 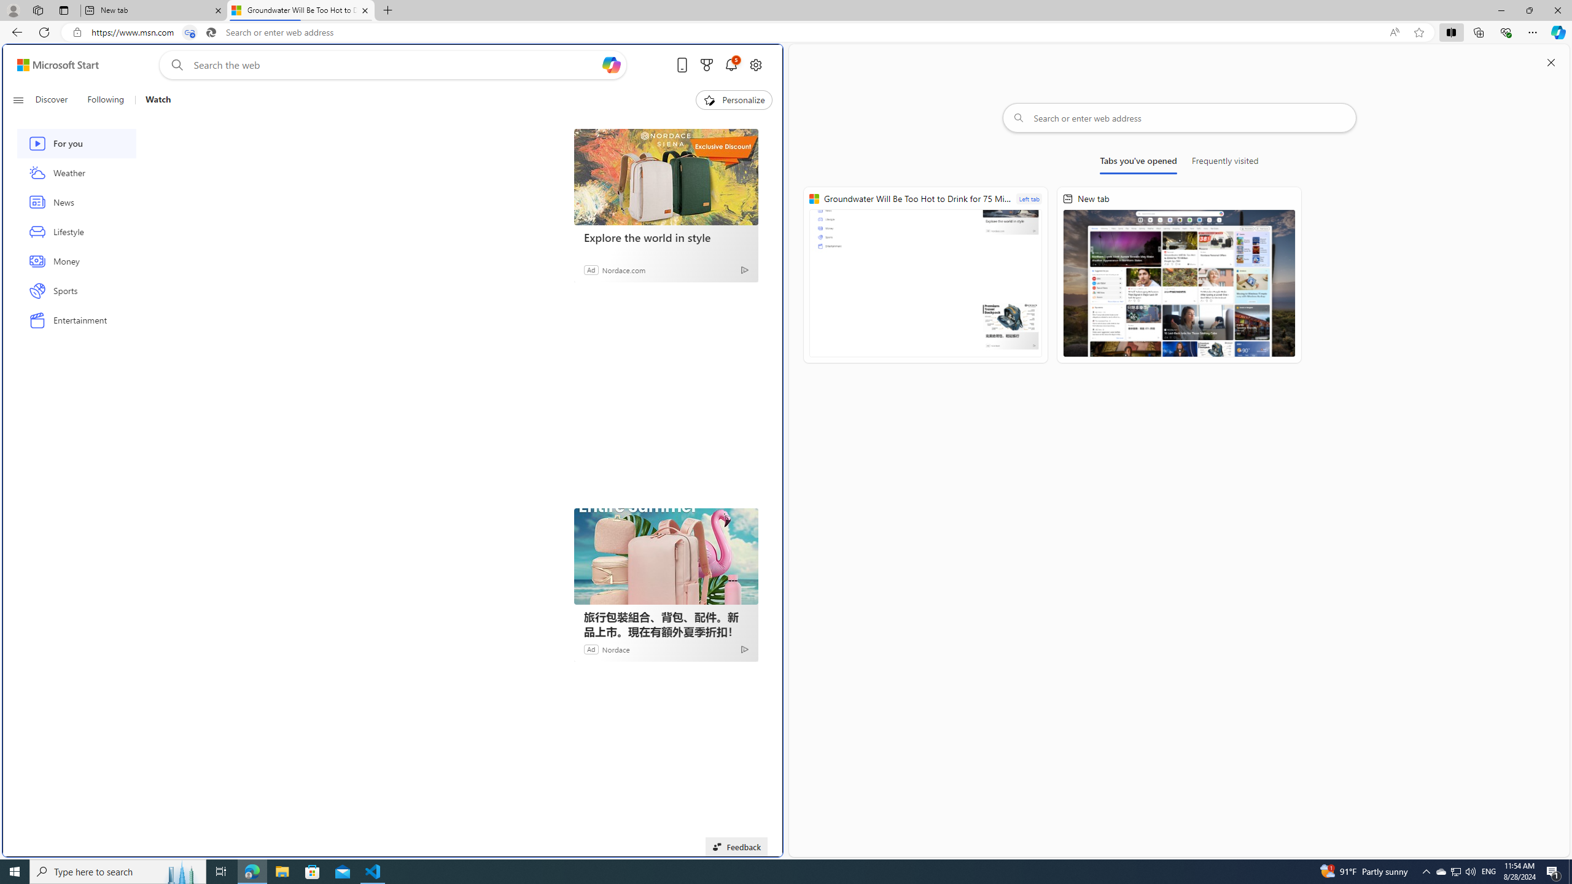 I want to click on 'Discover', so click(x=56, y=99).